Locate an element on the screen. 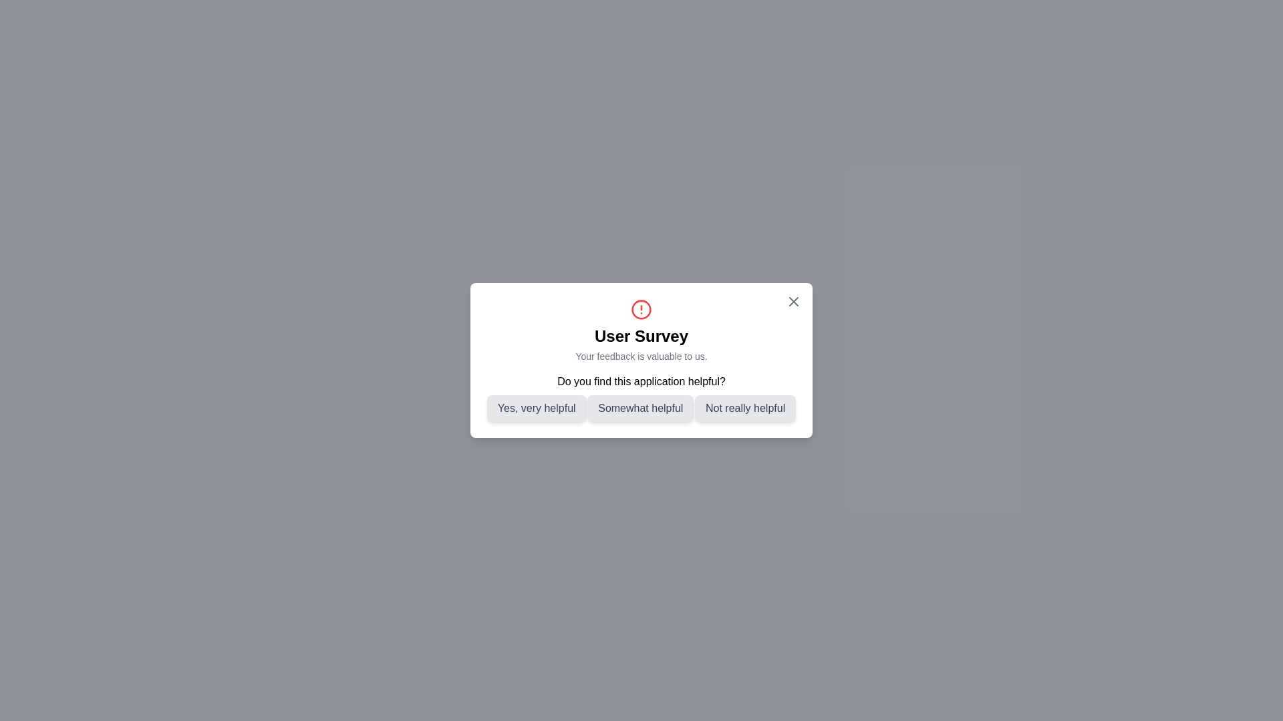 This screenshot has height=721, width=1283. the textual label that asks 'Do you find this application helpful?' which is located in the modal dialog box, positioned below the subtitle and above the response options is located at coordinates (641, 381).